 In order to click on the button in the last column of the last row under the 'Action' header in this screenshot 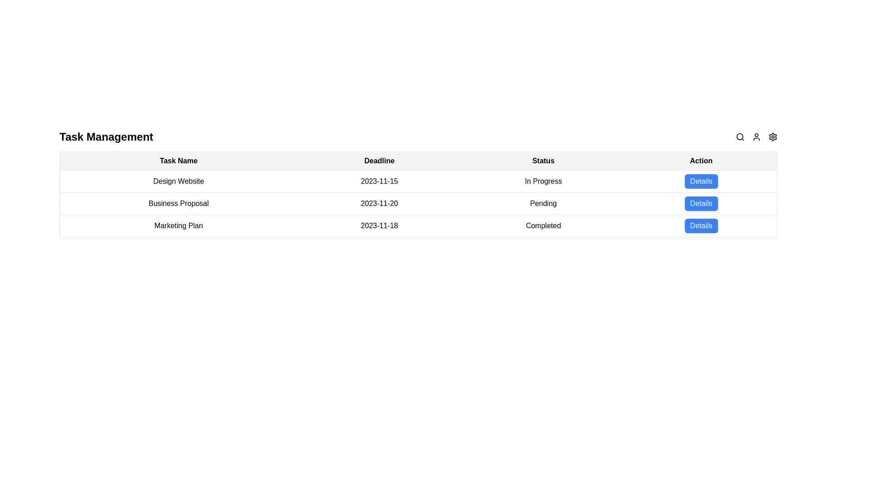, I will do `click(701, 225)`.